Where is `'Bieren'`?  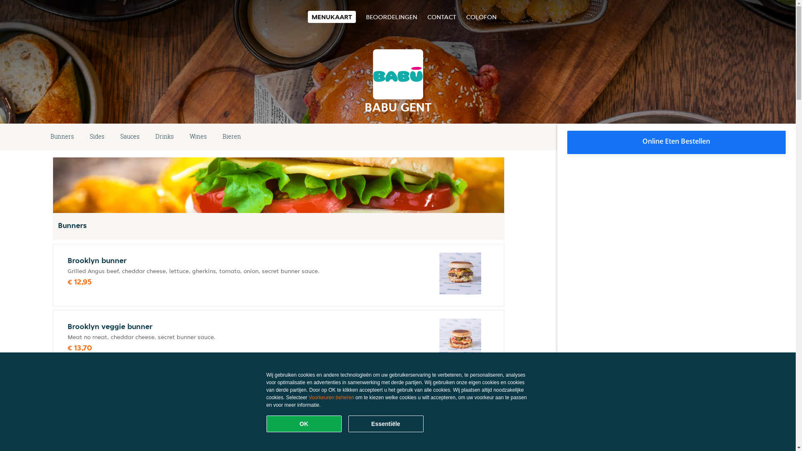
'Bieren' is located at coordinates (214, 136).